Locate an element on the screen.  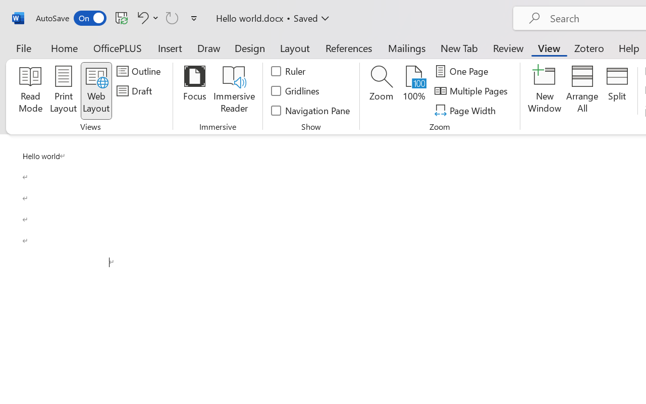
'View' is located at coordinates (549, 47).